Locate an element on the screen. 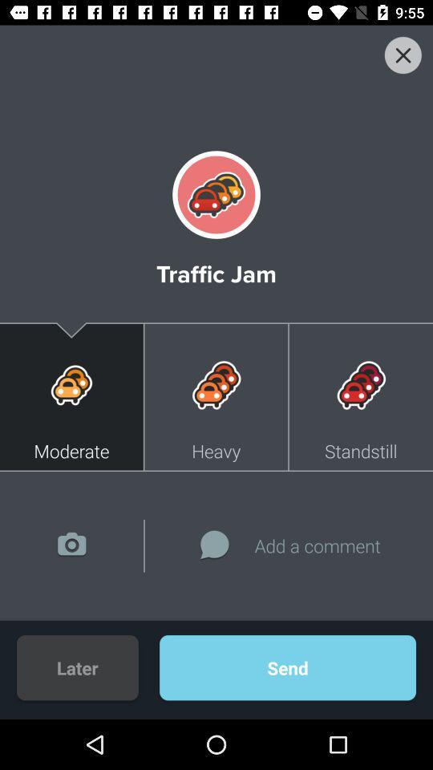 The width and height of the screenshot is (433, 770). icon on the left side of heavy is located at coordinates (71, 385).